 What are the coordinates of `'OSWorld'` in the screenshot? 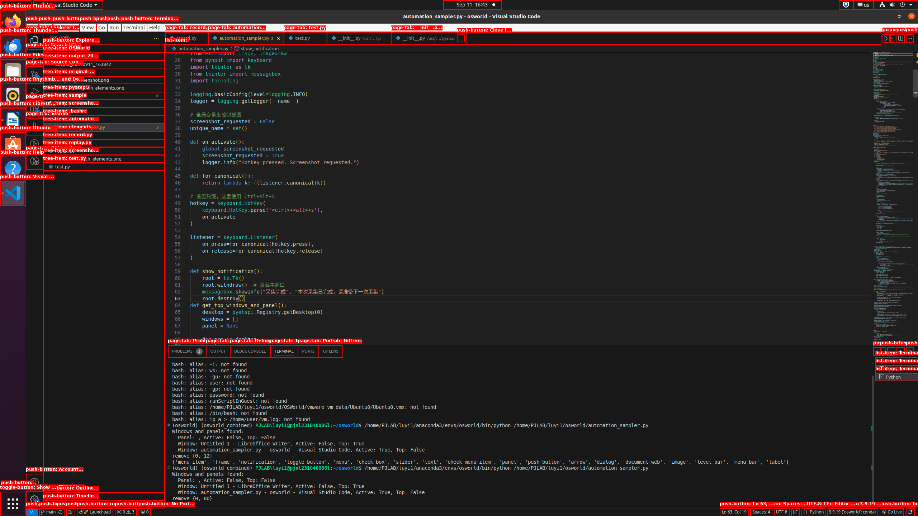 It's located at (104, 56).